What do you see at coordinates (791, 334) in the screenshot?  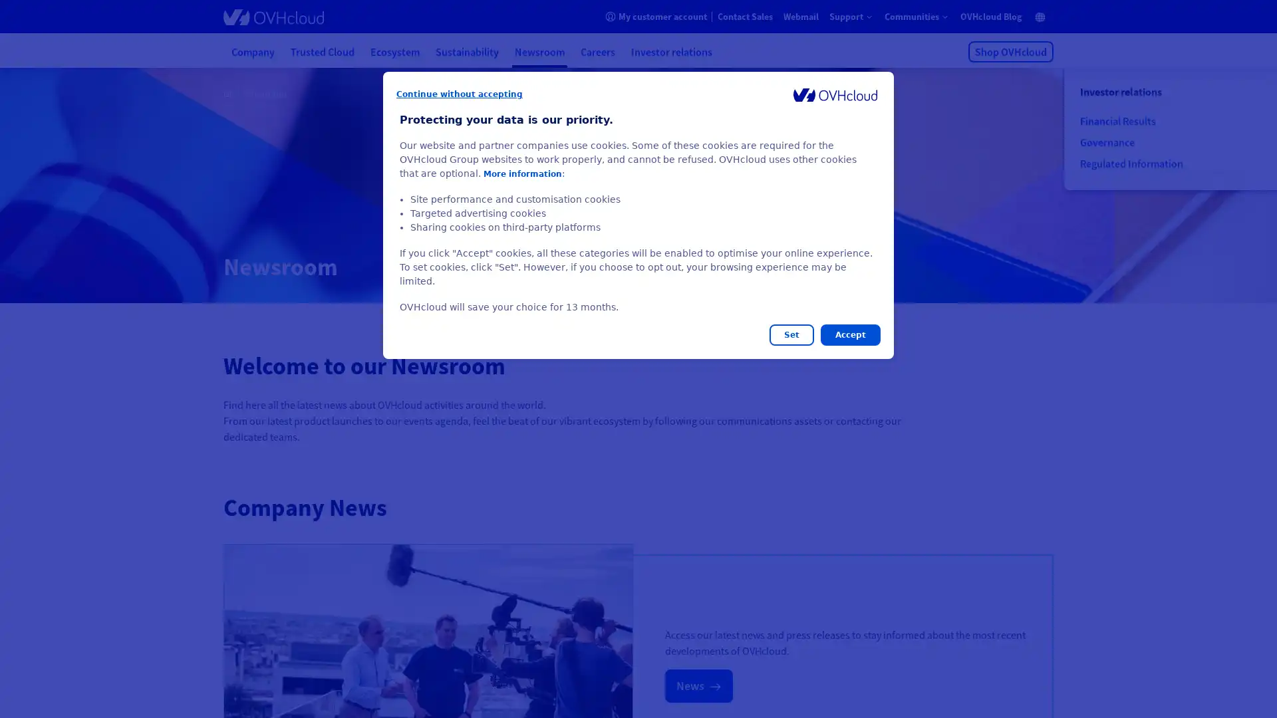 I see `Set` at bounding box center [791, 334].